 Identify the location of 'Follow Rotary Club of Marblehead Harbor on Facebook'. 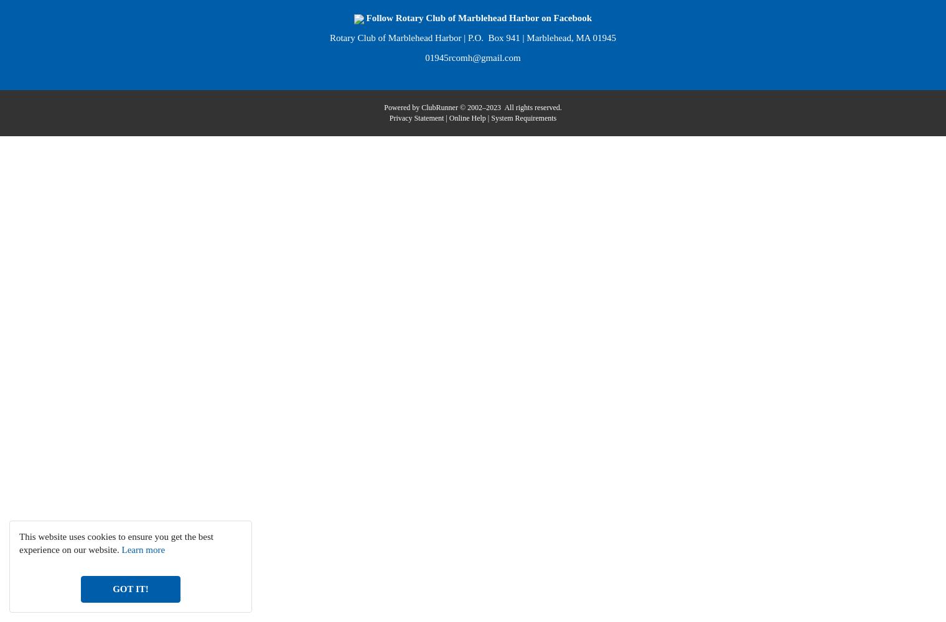
(478, 18).